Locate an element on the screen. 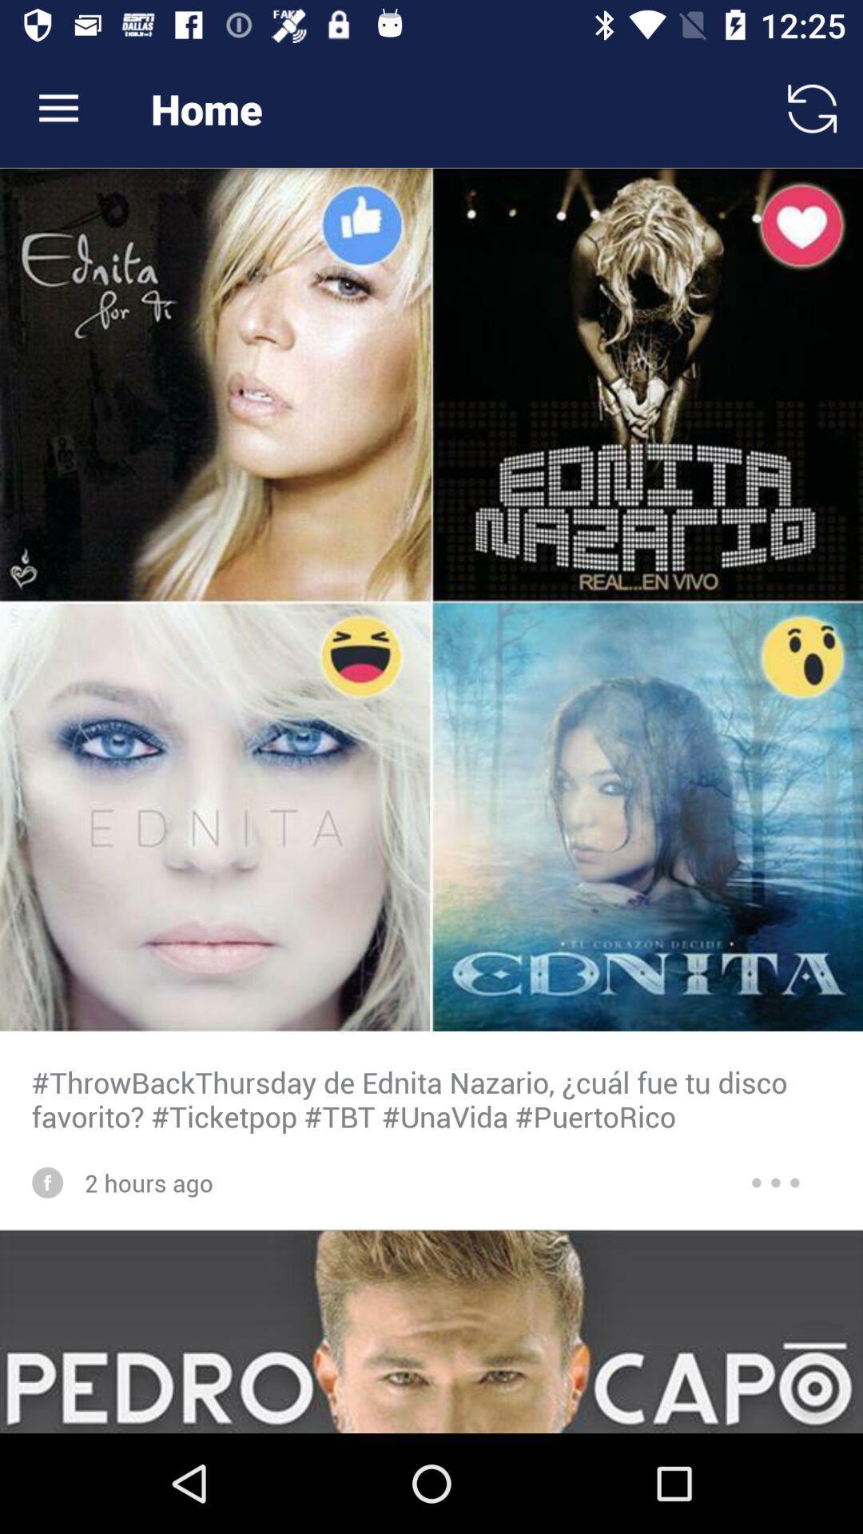  the item next to home is located at coordinates (58, 108).